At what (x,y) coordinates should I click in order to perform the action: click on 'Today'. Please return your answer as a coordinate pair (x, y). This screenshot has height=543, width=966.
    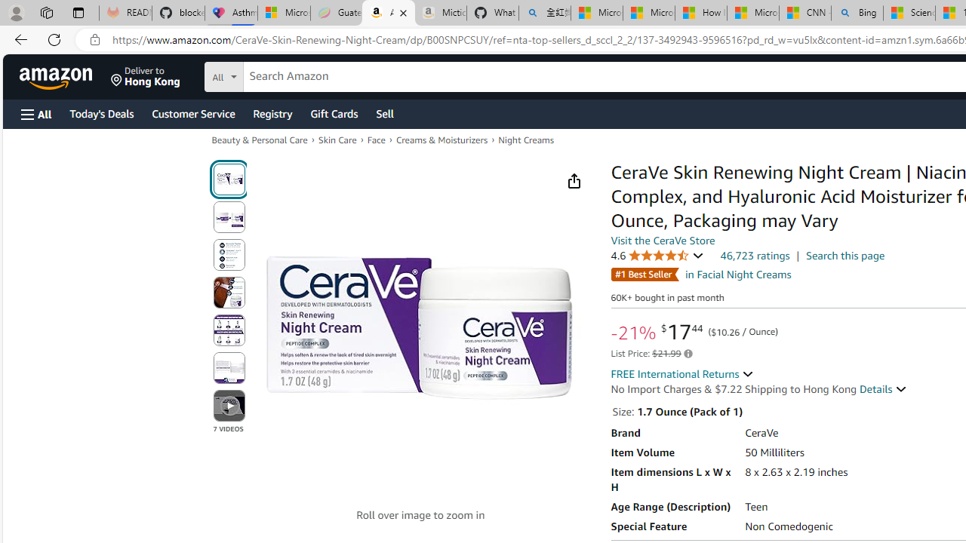
    Looking at the image, I should click on (100, 112).